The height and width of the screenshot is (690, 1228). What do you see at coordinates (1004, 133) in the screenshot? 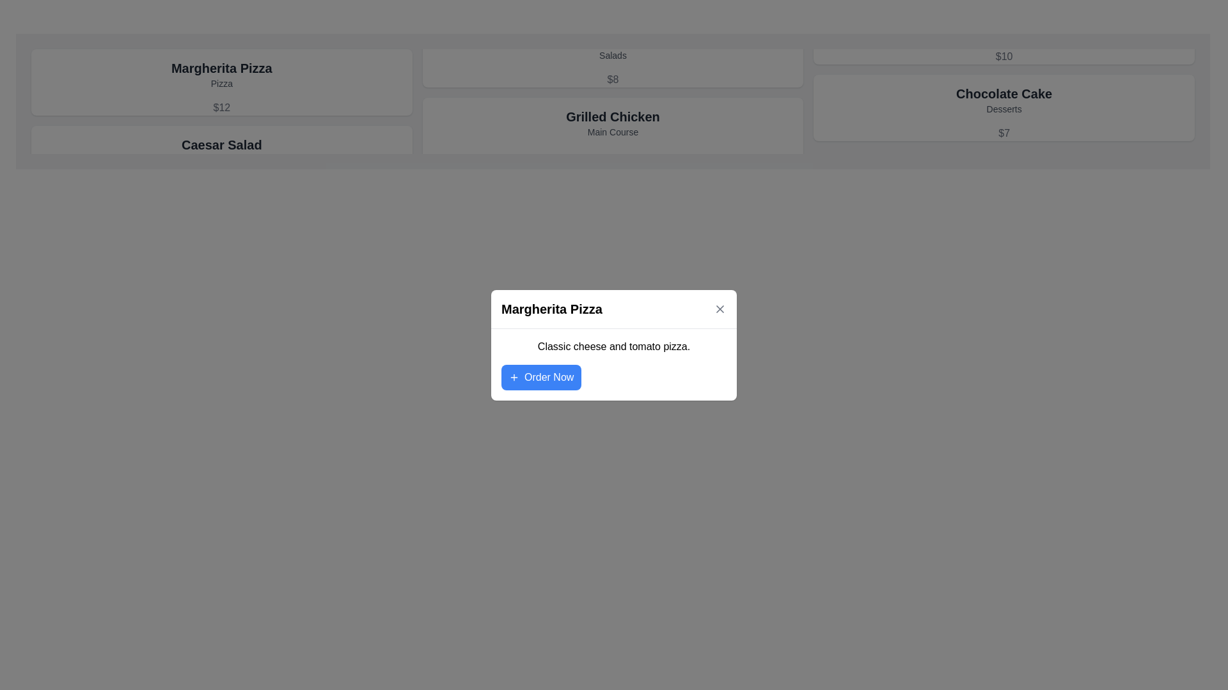
I see `the static text label displaying the price '$7' at the bottom of the card for 'Chocolate Cake' in the top-right area of the page` at bounding box center [1004, 133].